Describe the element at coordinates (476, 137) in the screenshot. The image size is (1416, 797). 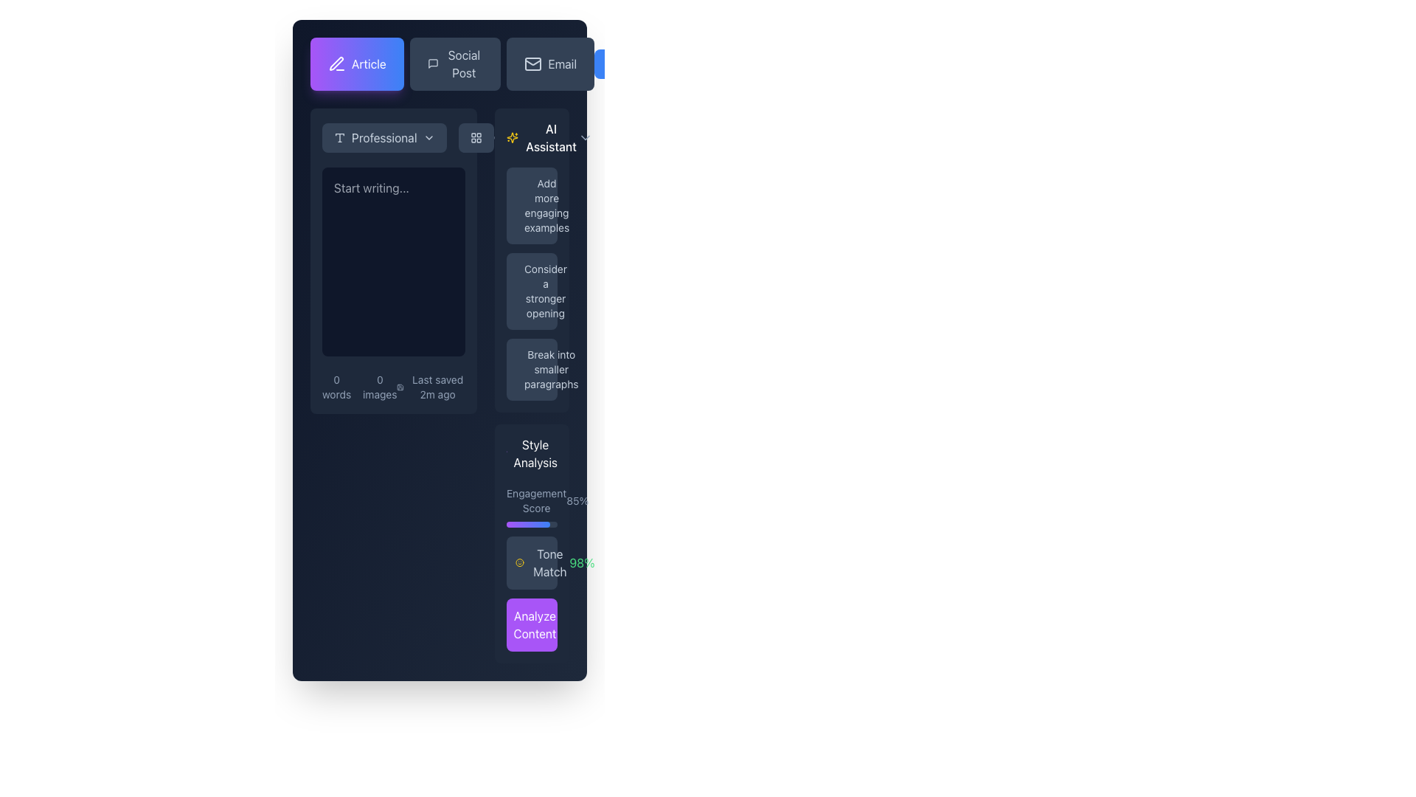
I see `the grid layout icon located in the top-right section of the user interface` at that location.